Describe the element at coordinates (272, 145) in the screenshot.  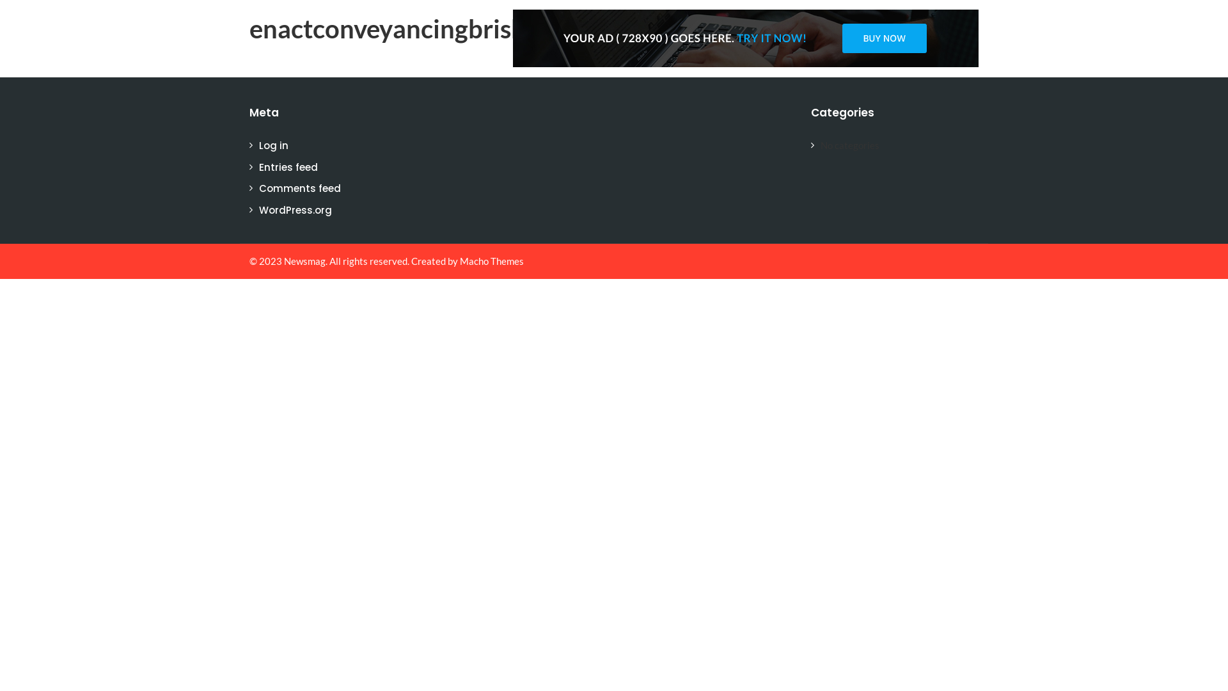
I see `'Log in'` at that location.